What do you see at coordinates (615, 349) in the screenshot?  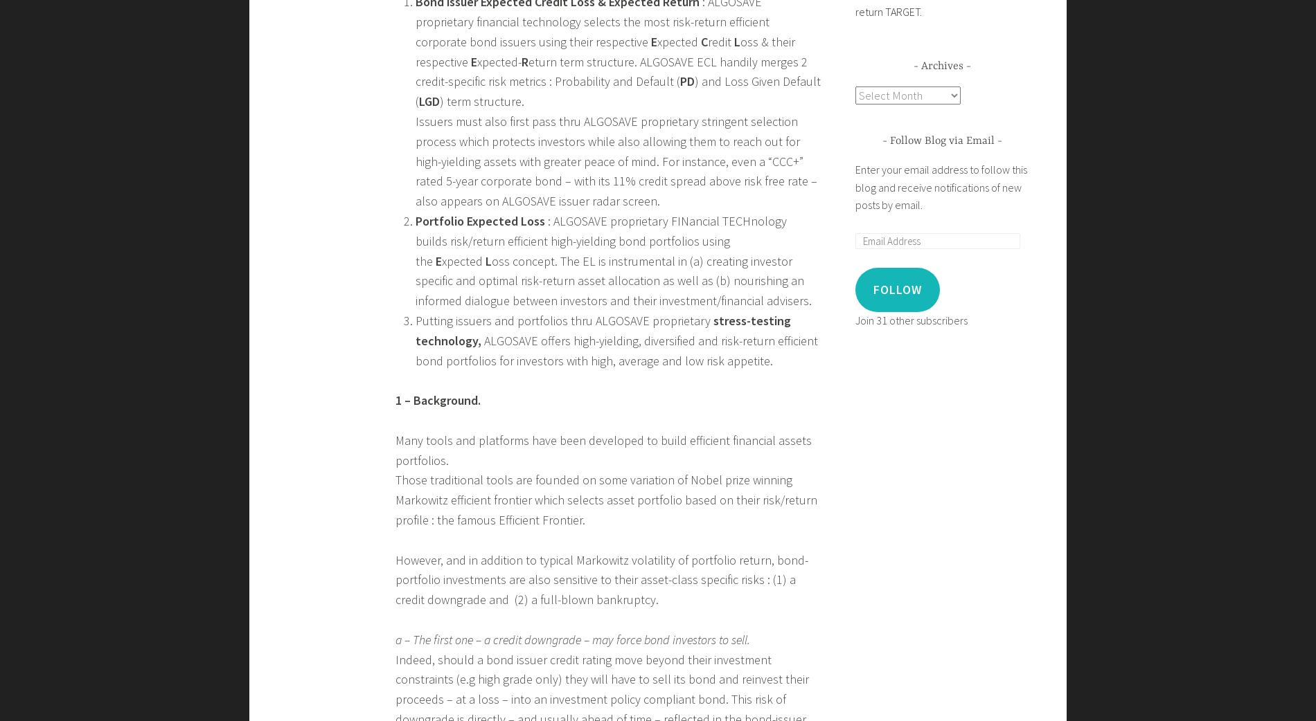 I see `'ALGOSAVE offers high-yielding, diversified and risk-return efficient bond portfolios for investors with high, average and low risk appetite.'` at bounding box center [615, 349].